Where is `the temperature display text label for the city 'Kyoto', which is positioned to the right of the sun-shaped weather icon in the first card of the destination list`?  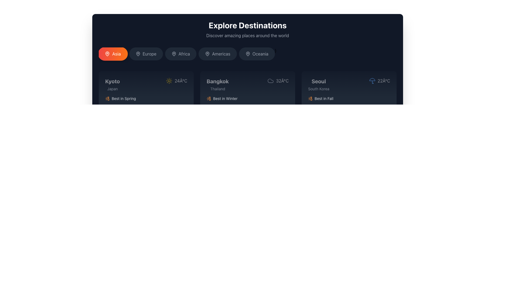 the temperature display text label for the city 'Kyoto', which is positioned to the right of the sun-shaped weather icon in the first card of the destination list is located at coordinates (181, 81).